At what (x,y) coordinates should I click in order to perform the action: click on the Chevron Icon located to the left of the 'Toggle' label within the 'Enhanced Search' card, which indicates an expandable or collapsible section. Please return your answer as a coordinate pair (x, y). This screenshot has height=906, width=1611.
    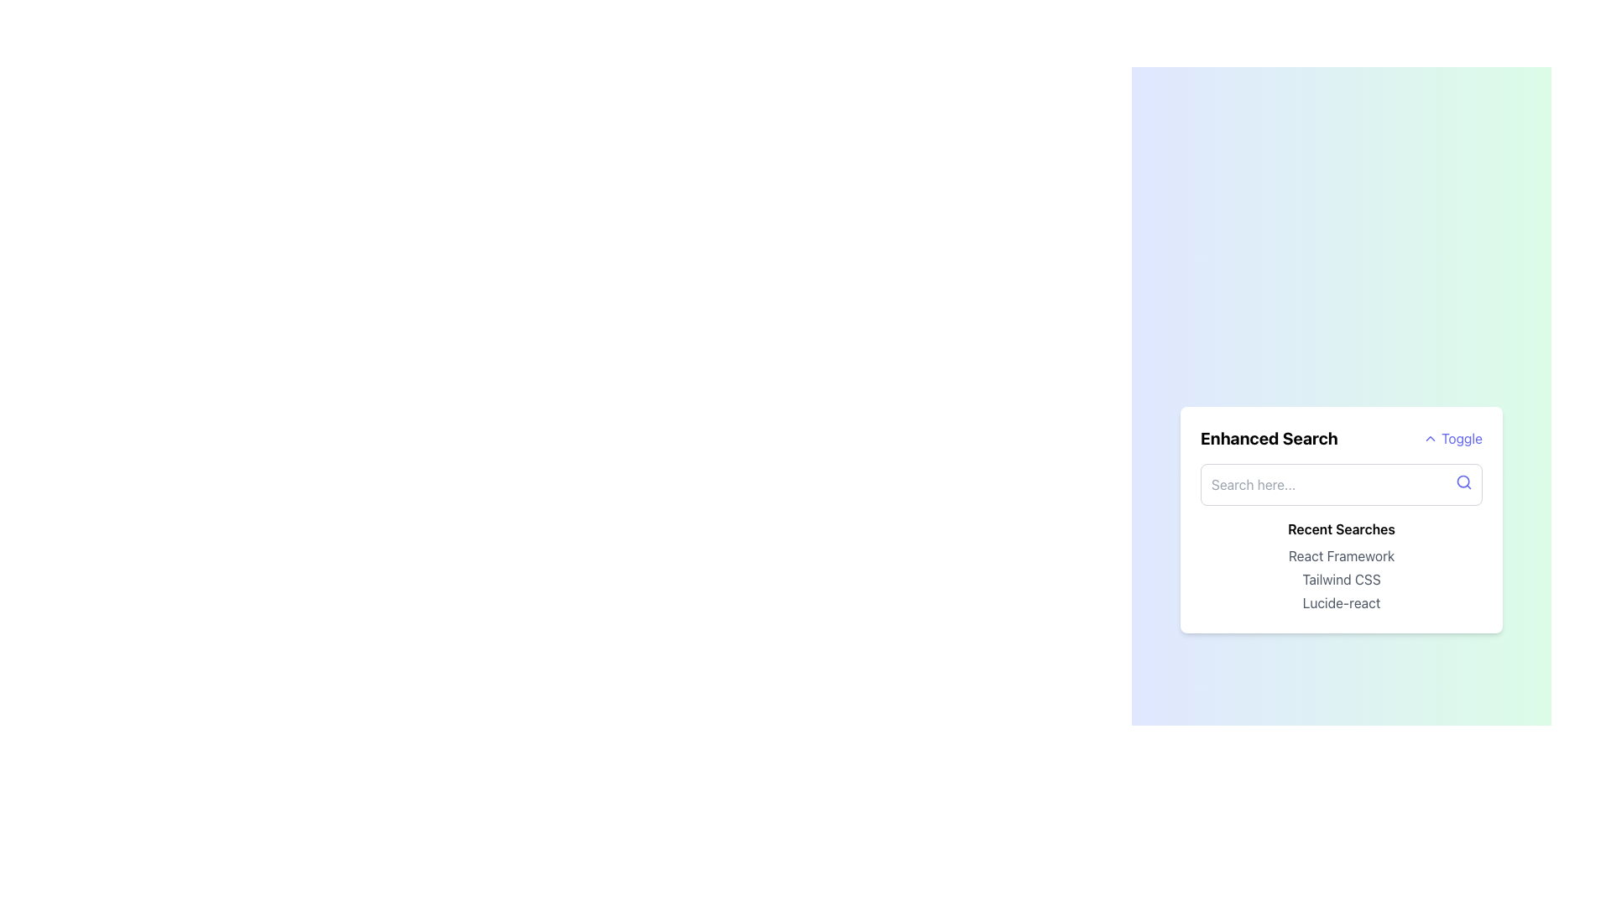
    Looking at the image, I should click on (1430, 438).